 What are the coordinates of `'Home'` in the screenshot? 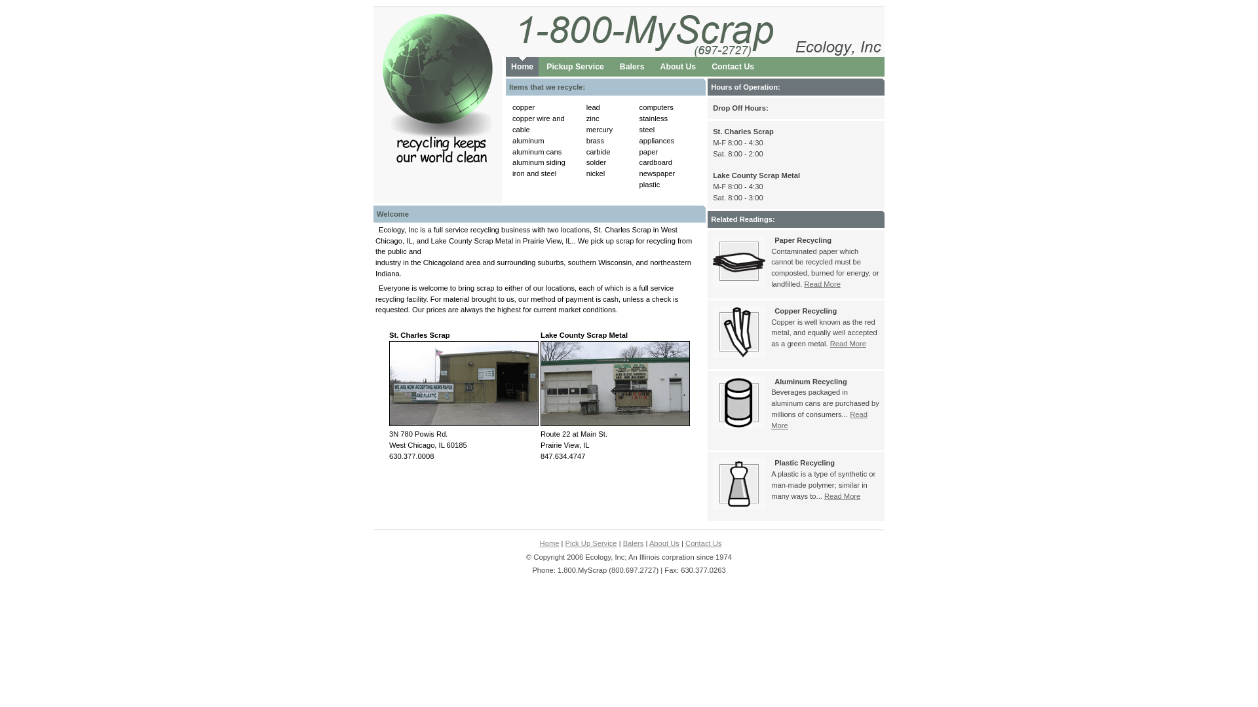 It's located at (540, 543).